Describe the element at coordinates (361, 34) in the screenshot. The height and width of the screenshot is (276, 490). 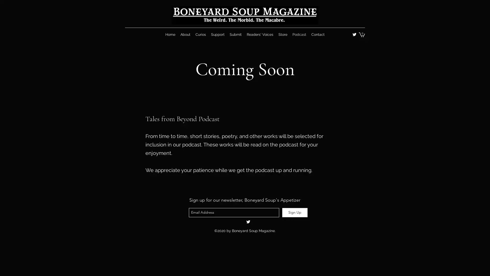
I see `Cart with 0 items` at that location.